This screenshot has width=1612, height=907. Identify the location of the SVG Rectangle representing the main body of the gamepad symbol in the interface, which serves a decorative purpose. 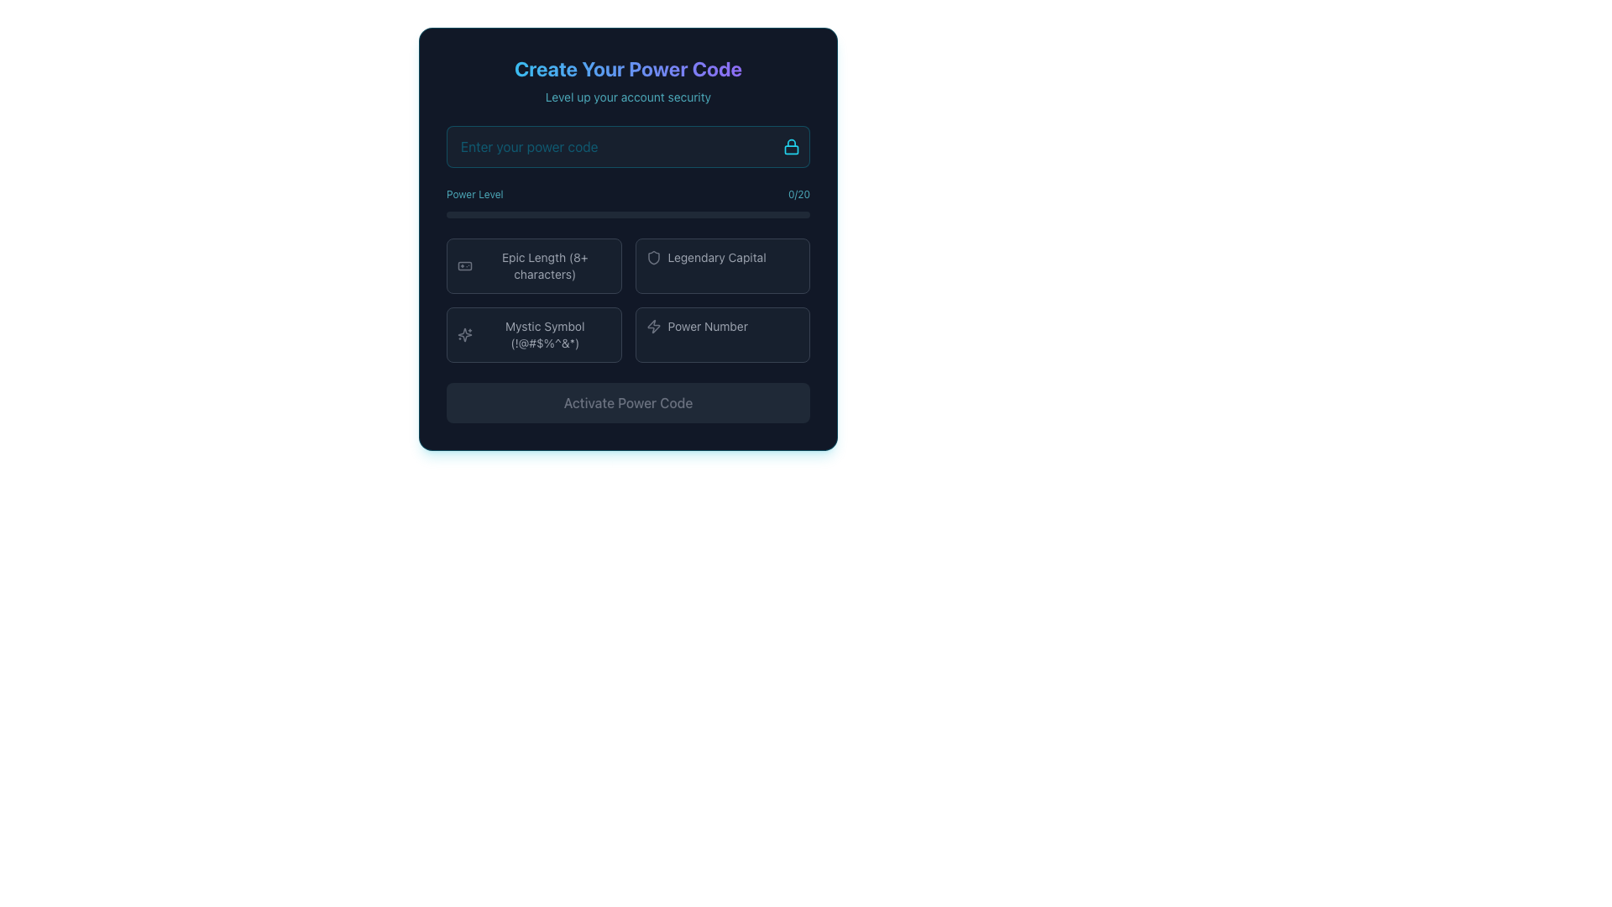
(464, 265).